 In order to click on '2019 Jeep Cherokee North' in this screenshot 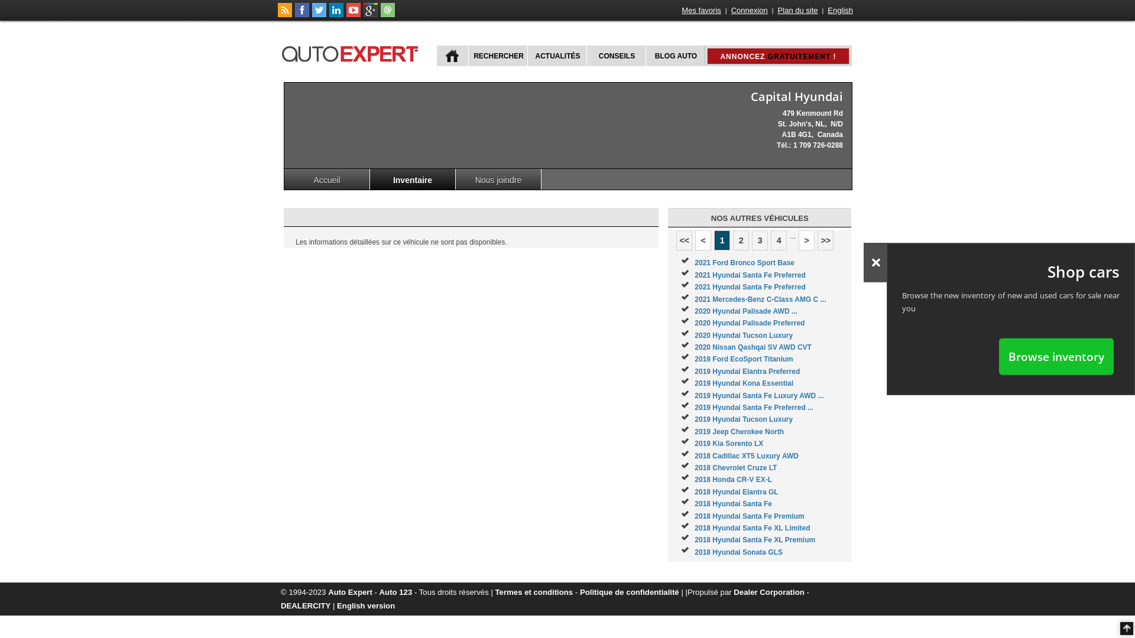, I will do `click(695, 432)`.